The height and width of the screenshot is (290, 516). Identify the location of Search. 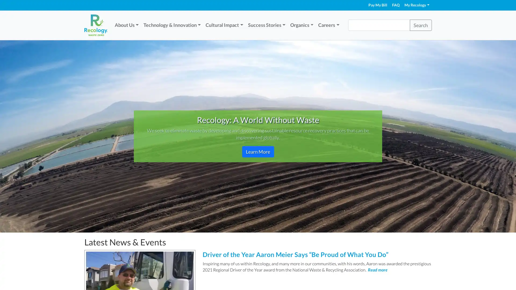
(420, 25).